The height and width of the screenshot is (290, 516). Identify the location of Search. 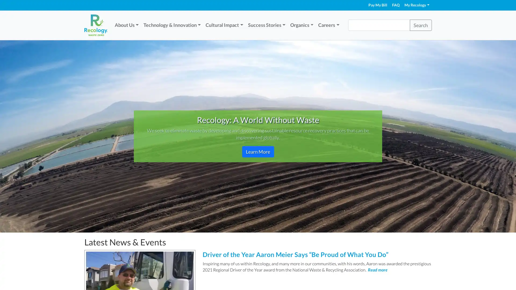
(420, 25).